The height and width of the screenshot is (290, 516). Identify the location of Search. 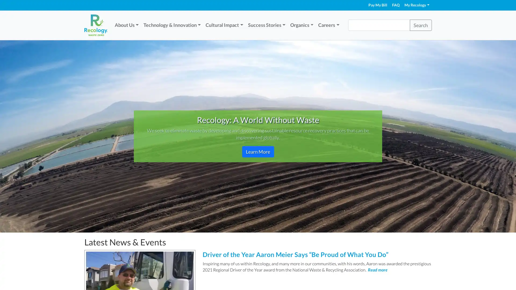
(420, 25).